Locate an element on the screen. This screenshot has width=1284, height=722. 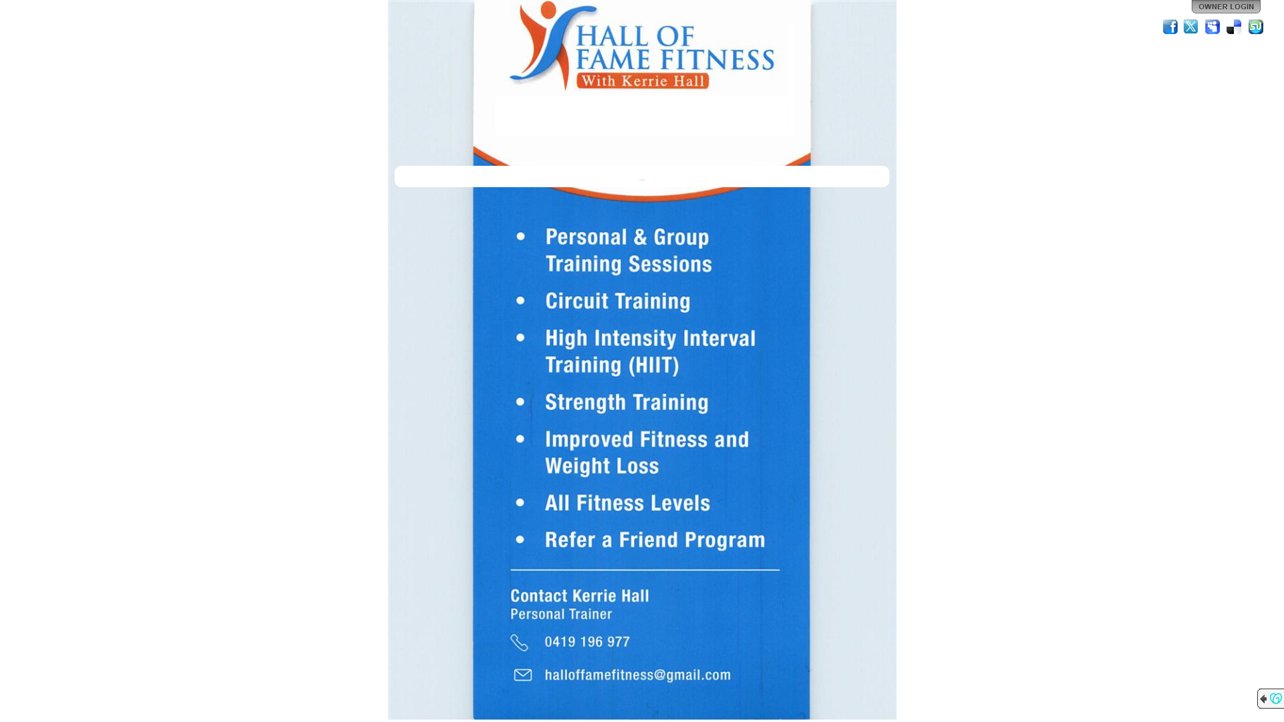
'Del.icio.us' is located at coordinates (1234, 26).